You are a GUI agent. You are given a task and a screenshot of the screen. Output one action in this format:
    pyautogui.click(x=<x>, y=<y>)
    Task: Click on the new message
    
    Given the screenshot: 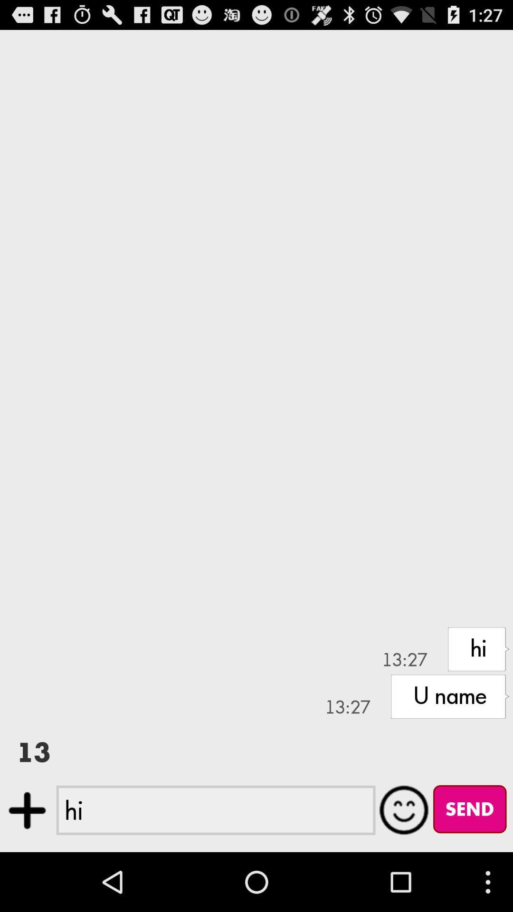 What is the action you would take?
    pyautogui.click(x=27, y=810)
    